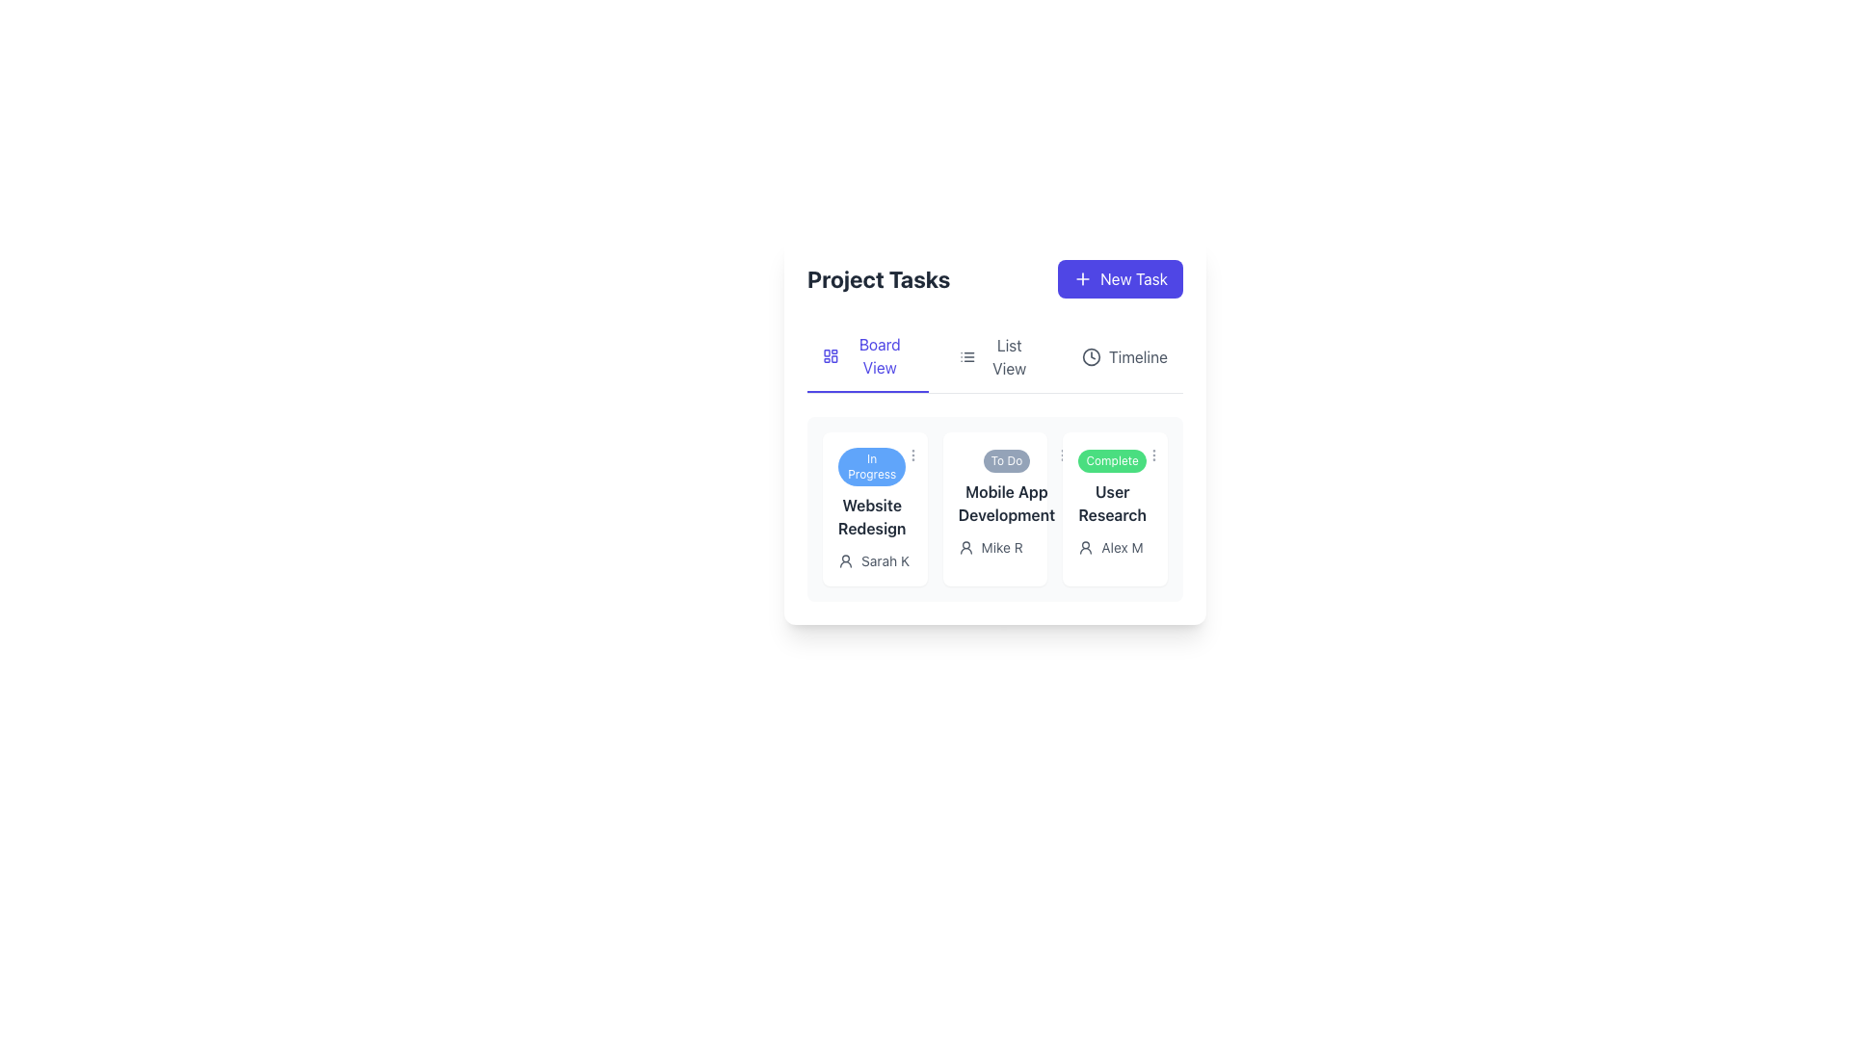 This screenshot has height=1040, width=1850. I want to click on text content of the Static text label displaying 'Mike R', which is styled in grayish color and located within the 'Mobile App Development' task card, so click(1002, 548).